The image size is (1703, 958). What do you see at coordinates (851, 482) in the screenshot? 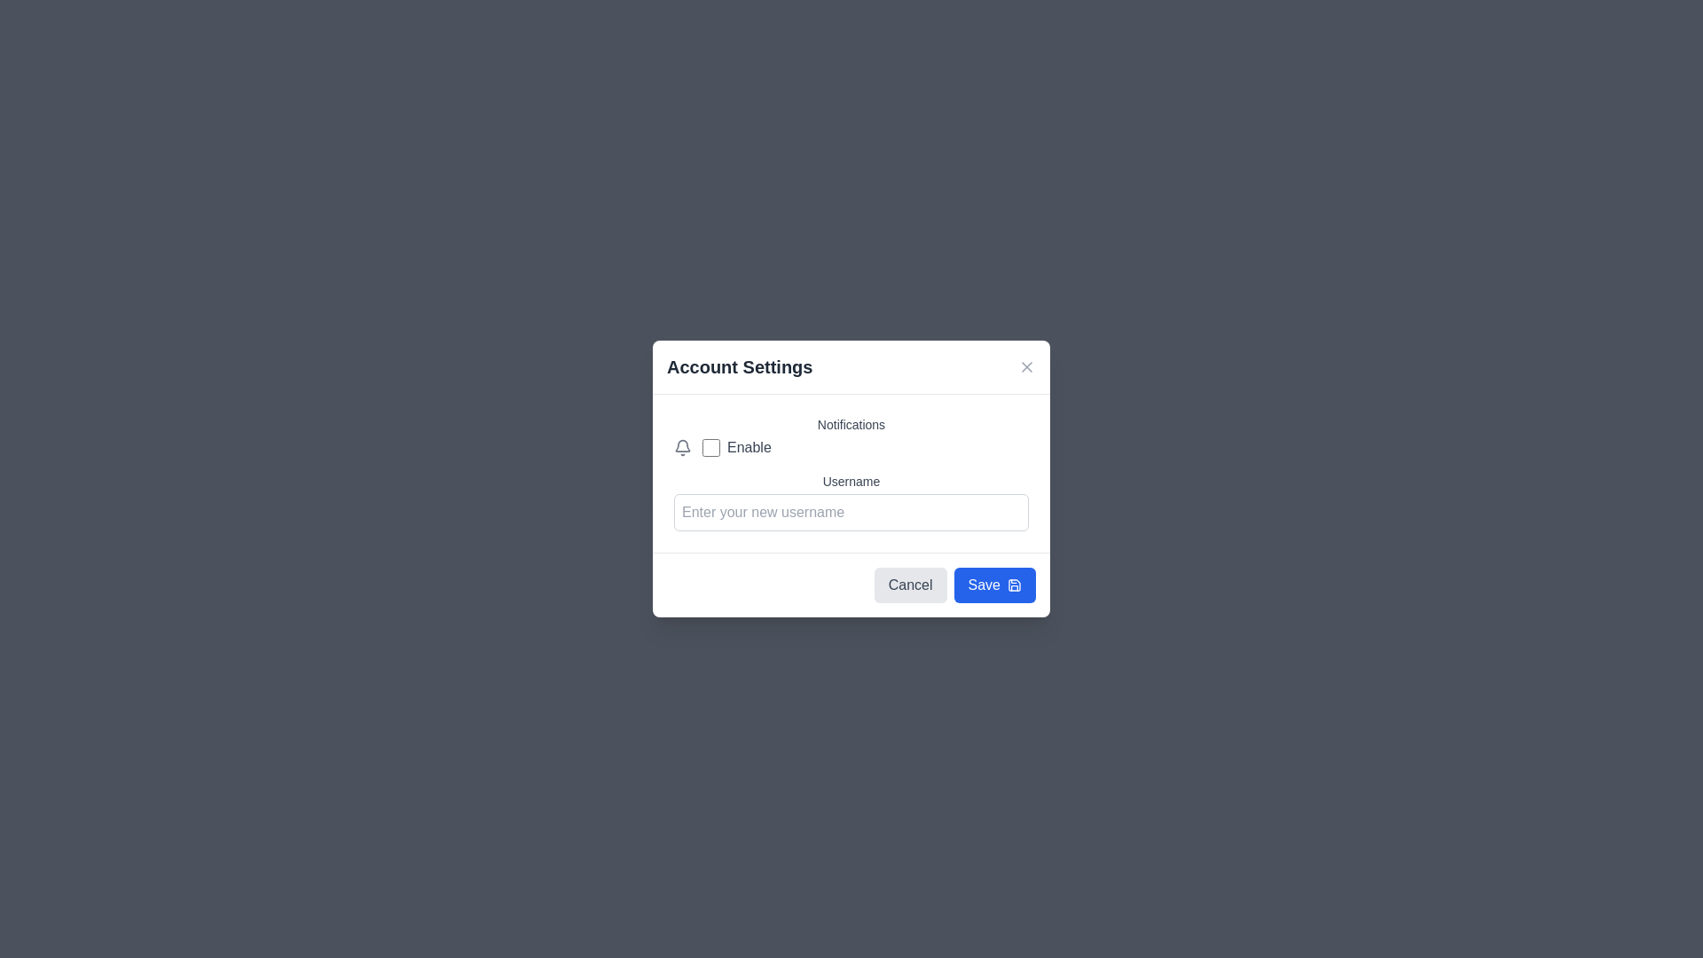
I see `the static text label displaying 'Username' that is located under the 'Account Settings' heading and above the text input field for username` at bounding box center [851, 482].